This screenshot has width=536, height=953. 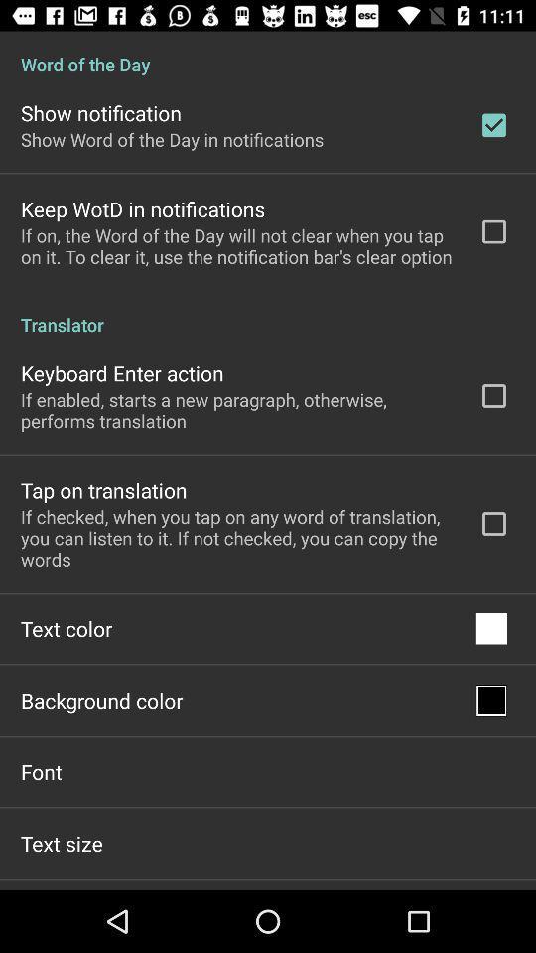 I want to click on app below if checked when app, so click(x=67, y=627).